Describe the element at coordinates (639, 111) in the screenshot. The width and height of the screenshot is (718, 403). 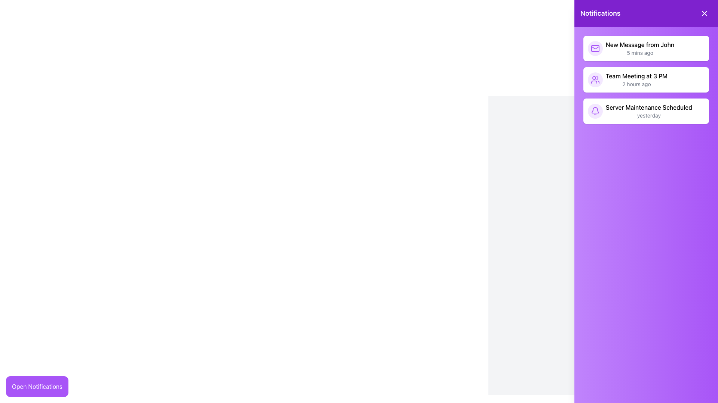
I see `the third notification item in the purple right-hand panel that informs about a scheduled server maintenance event` at that location.